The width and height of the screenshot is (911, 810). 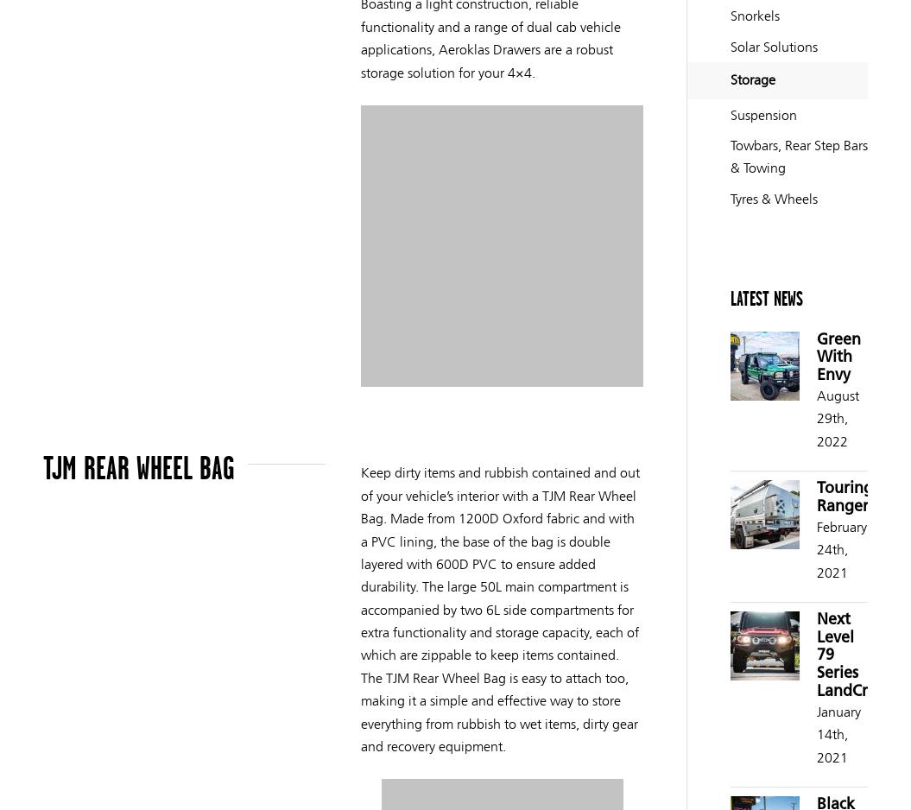 What do you see at coordinates (844, 497) in the screenshot?
I see `'Touring Ranger'` at bounding box center [844, 497].